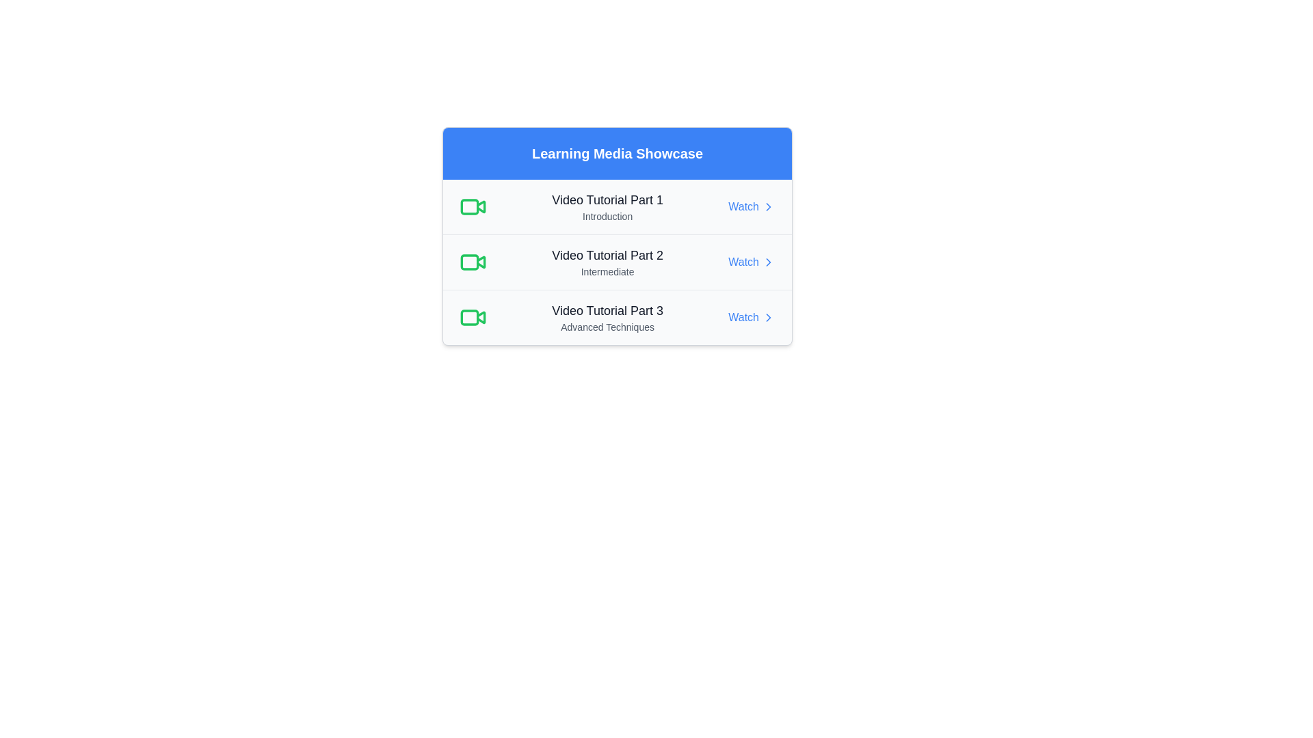 The height and width of the screenshot is (738, 1313). Describe the element at coordinates (473, 262) in the screenshot. I see `the green video camera icon located to the left of the text 'Video Tutorial Part 2' under the 'Learning Media Showcase' section` at that location.